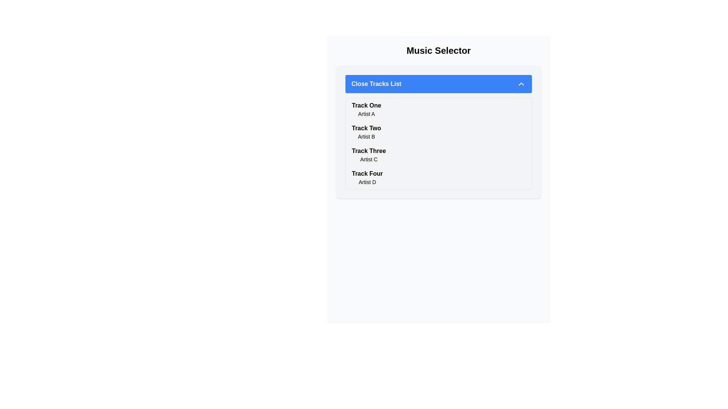 The image size is (728, 409). I want to click on the first track selection item in the list, located beneath the 'Close Tracks List' header, so click(366, 109).